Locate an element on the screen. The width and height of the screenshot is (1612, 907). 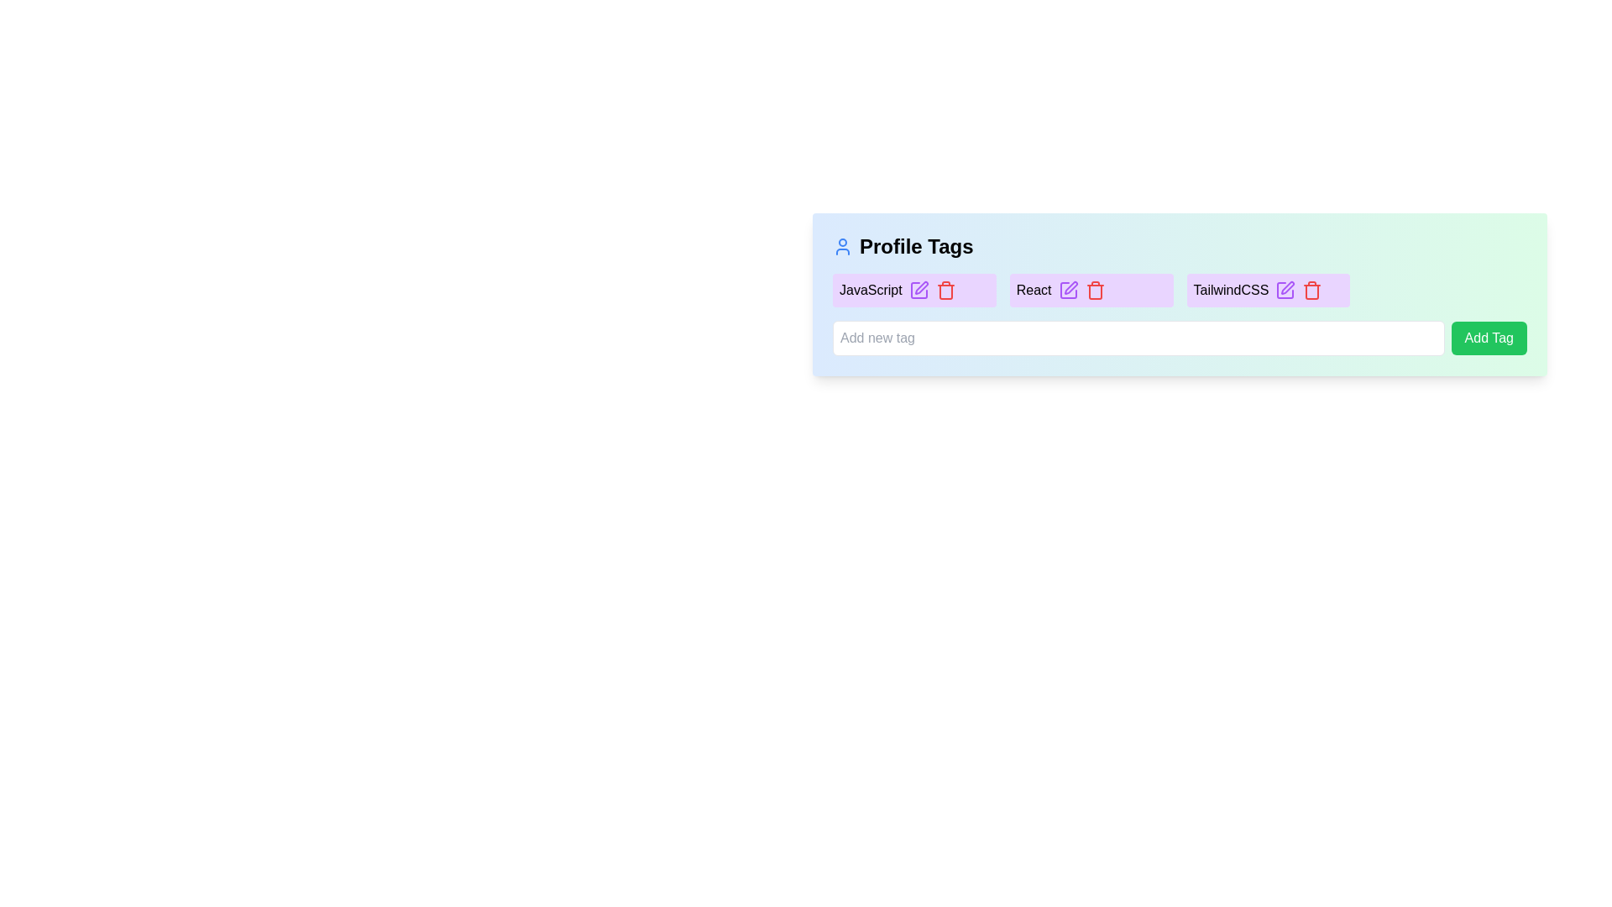
the first text label or tag in the group located below the 'Profile Tags' header, positioned to the left of 'React' and 'TailwindCSS' is located at coordinates (871, 290).